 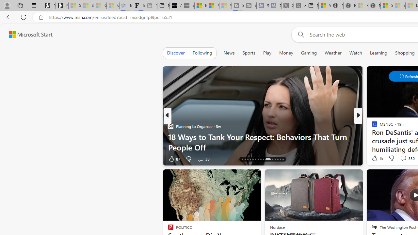 I want to click on 'Gaming', so click(x=308, y=53).